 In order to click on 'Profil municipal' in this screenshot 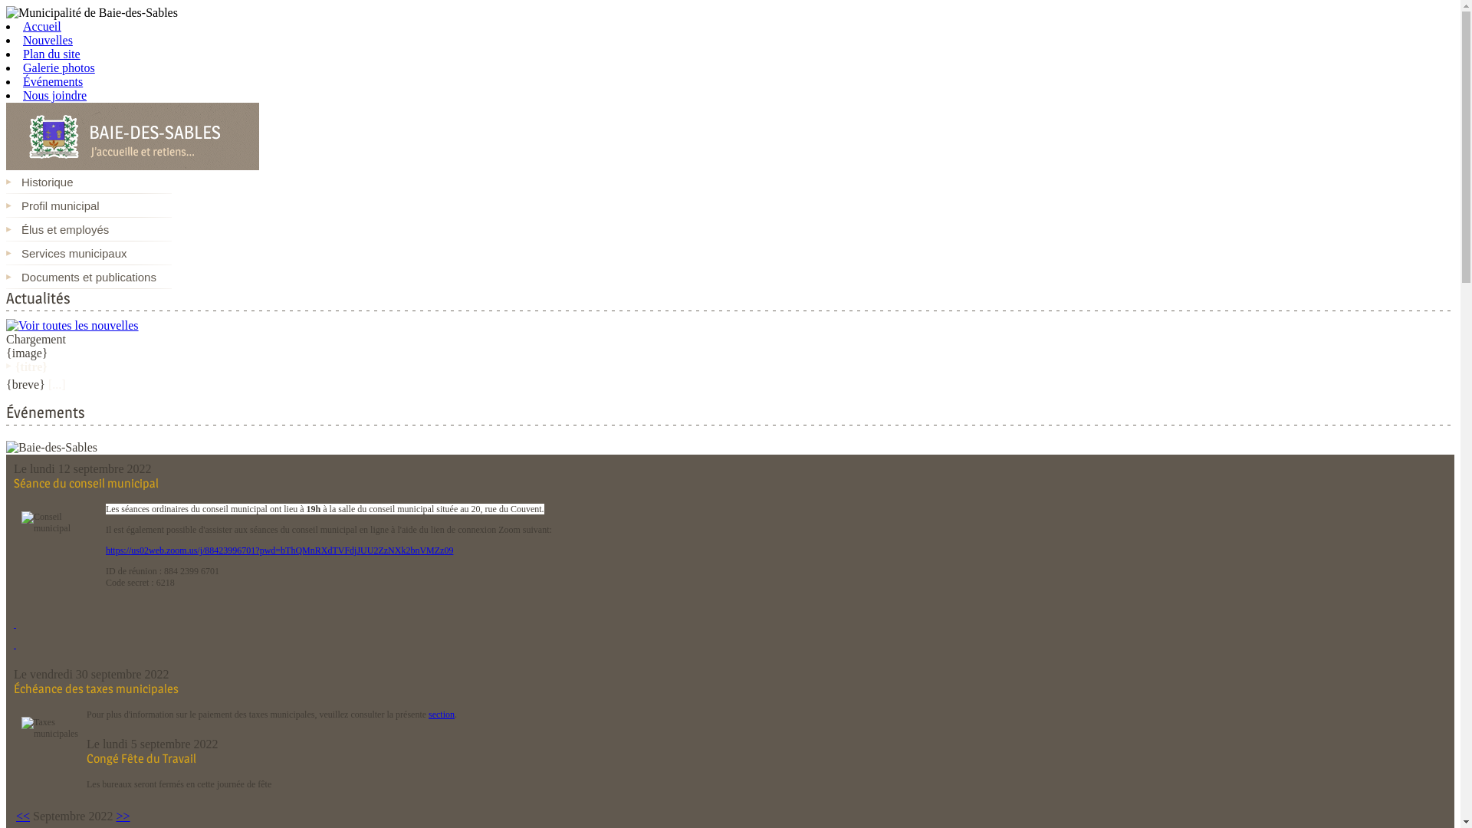, I will do `click(87, 205)`.